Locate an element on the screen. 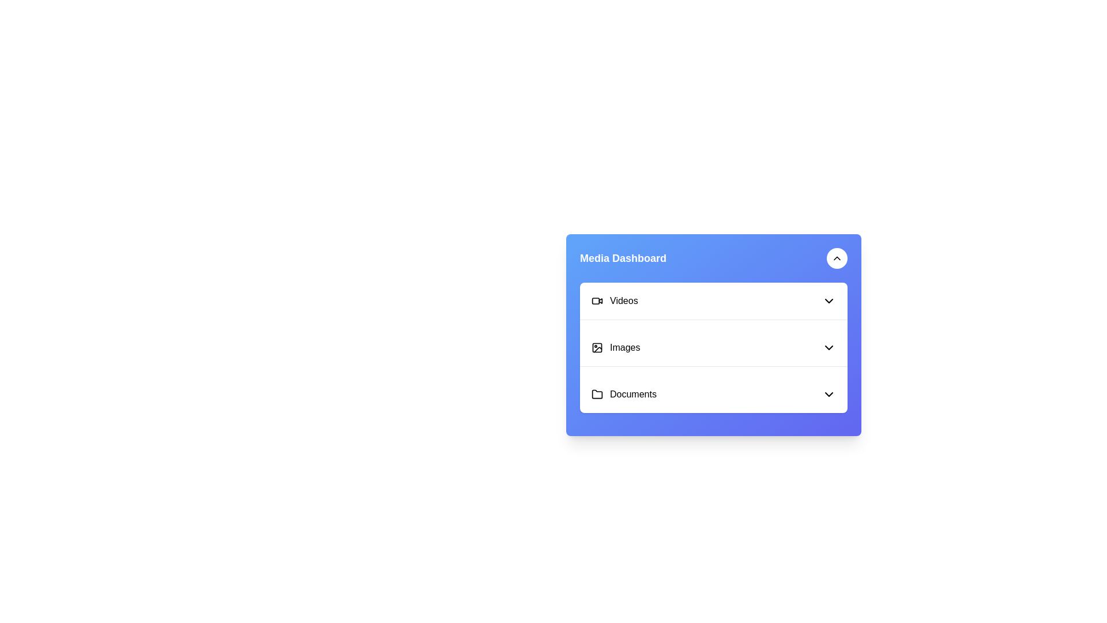  the 'Documents' text label is located at coordinates (623, 393).